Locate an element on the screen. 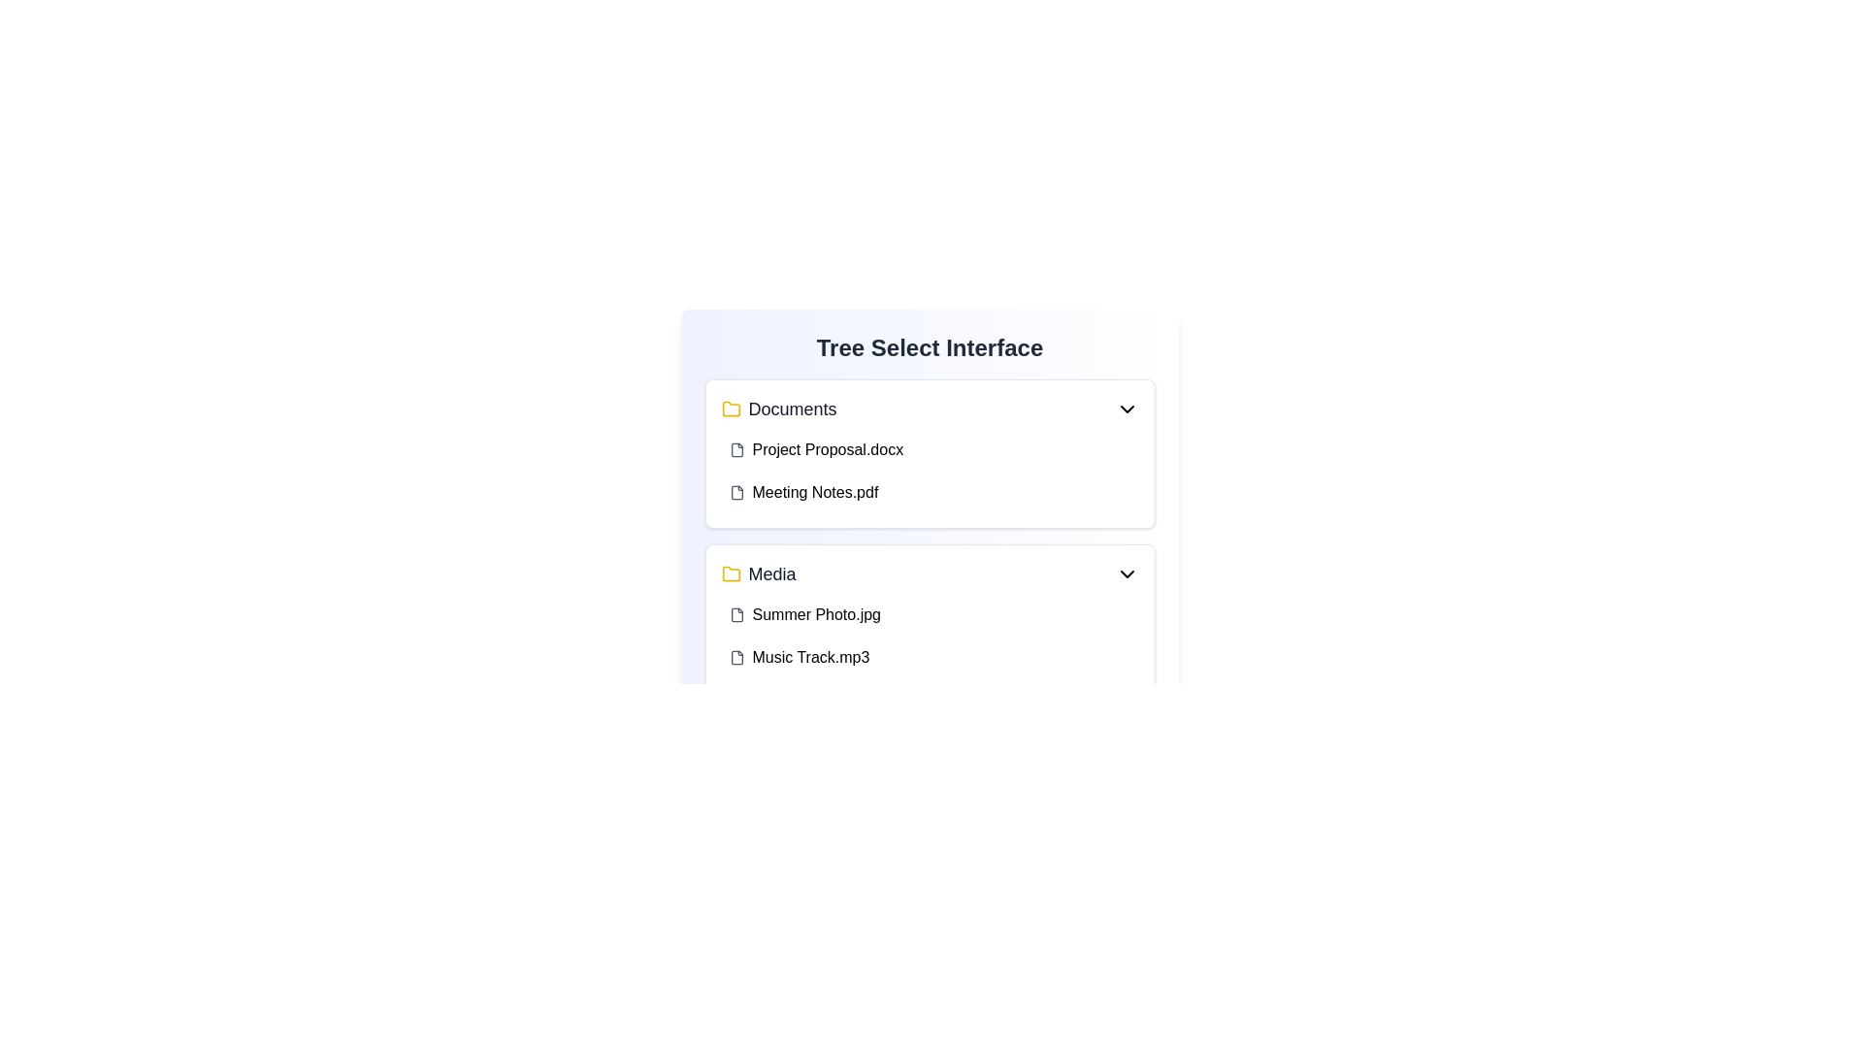 The width and height of the screenshot is (1863, 1048). on the first item in the 'Documents' section, which displays the file name 'Project Proposal.docx' is located at coordinates (929, 449).